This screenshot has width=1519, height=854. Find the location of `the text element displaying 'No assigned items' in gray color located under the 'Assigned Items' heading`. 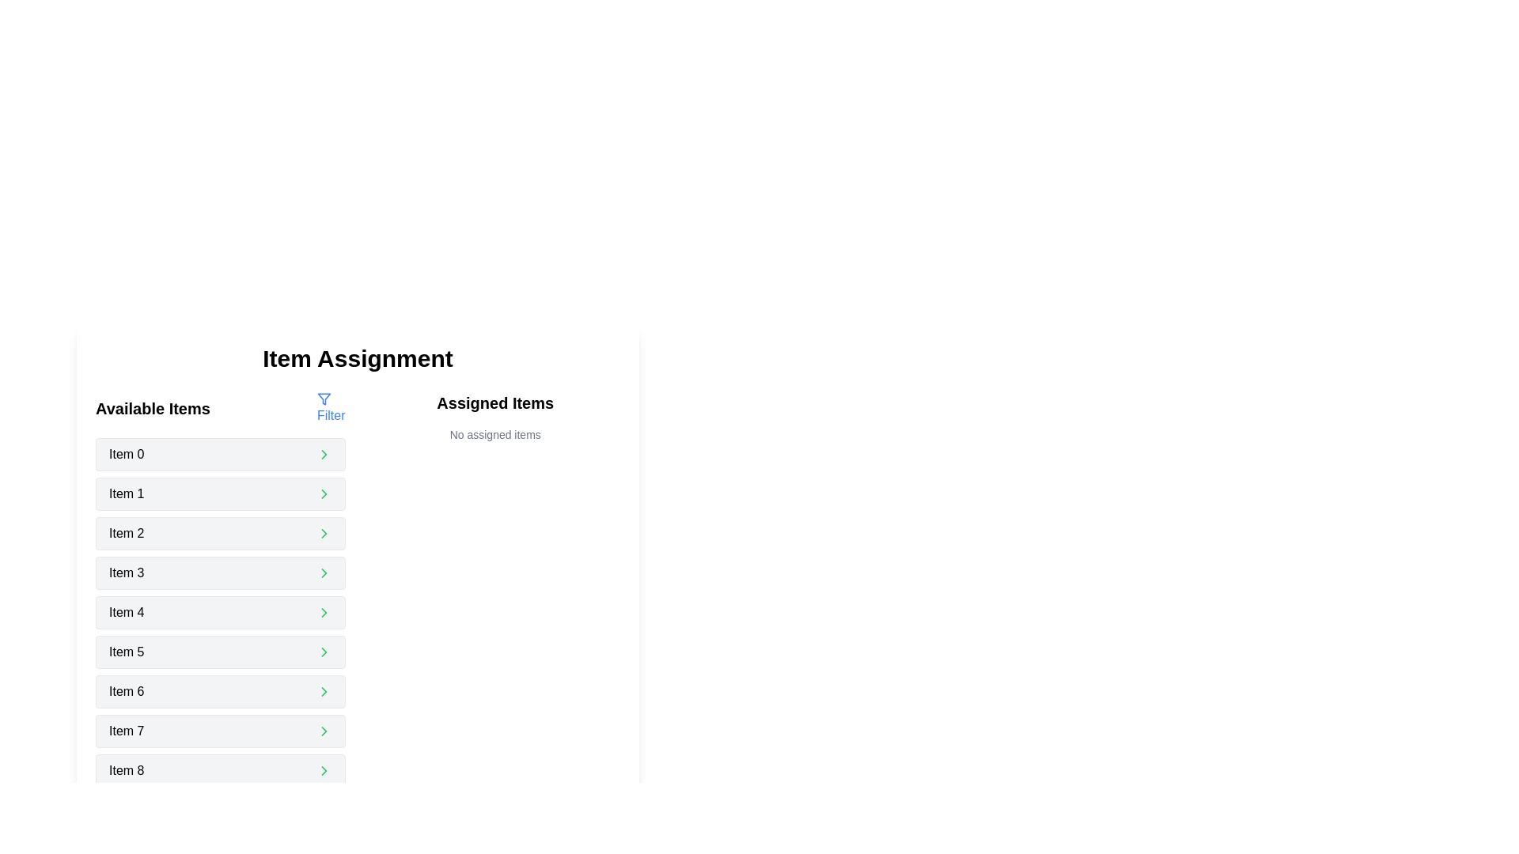

the text element displaying 'No assigned items' in gray color located under the 'Assigned Items' heading is located at coordinates (494, 435).